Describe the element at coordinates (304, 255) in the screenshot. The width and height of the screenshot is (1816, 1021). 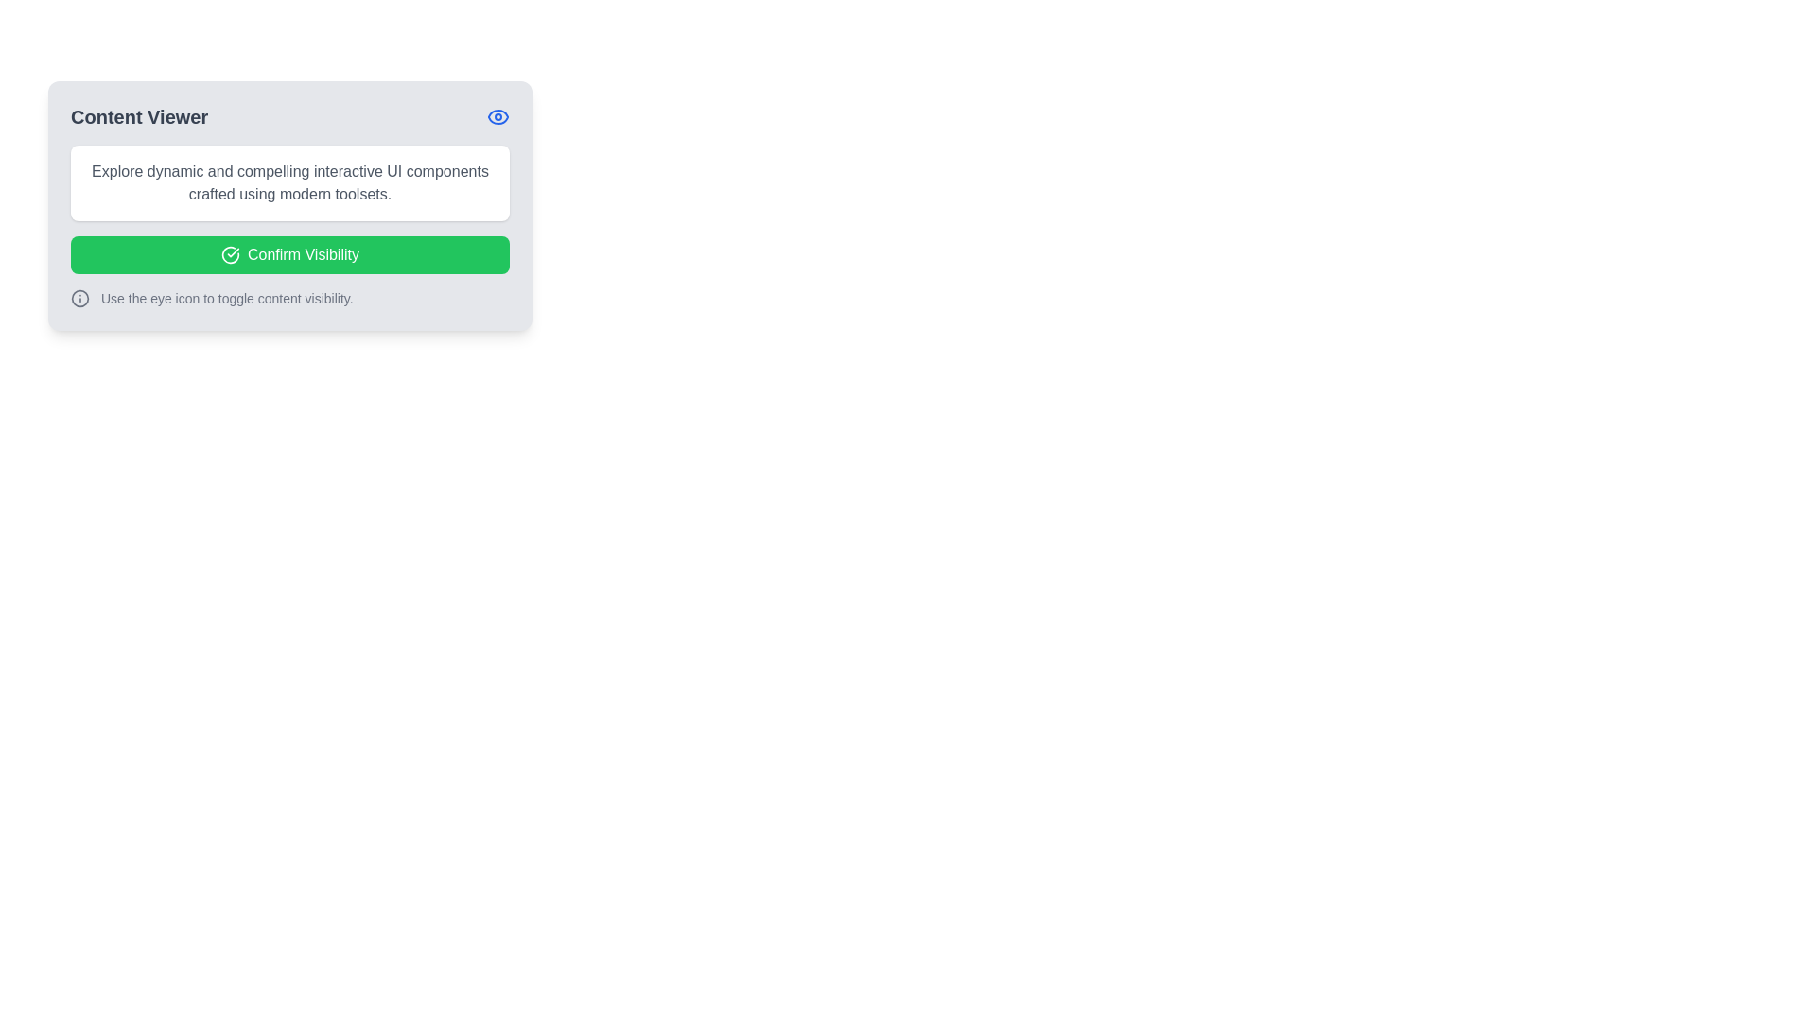
I see `the green button containing the text 'Confirm Visibility' which is located at the bottom-center of the gray dialog box labeled 'Content Viewer'` at that location.